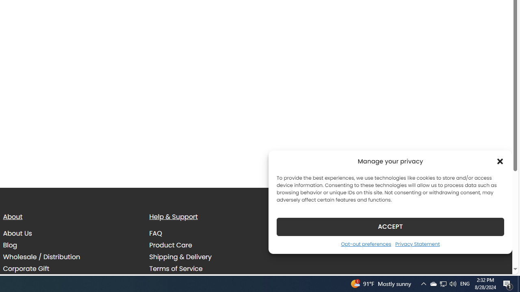 This screenshot has width=520, height=292. I want to click on 'Shipping & Delivery', so click(180, 257).